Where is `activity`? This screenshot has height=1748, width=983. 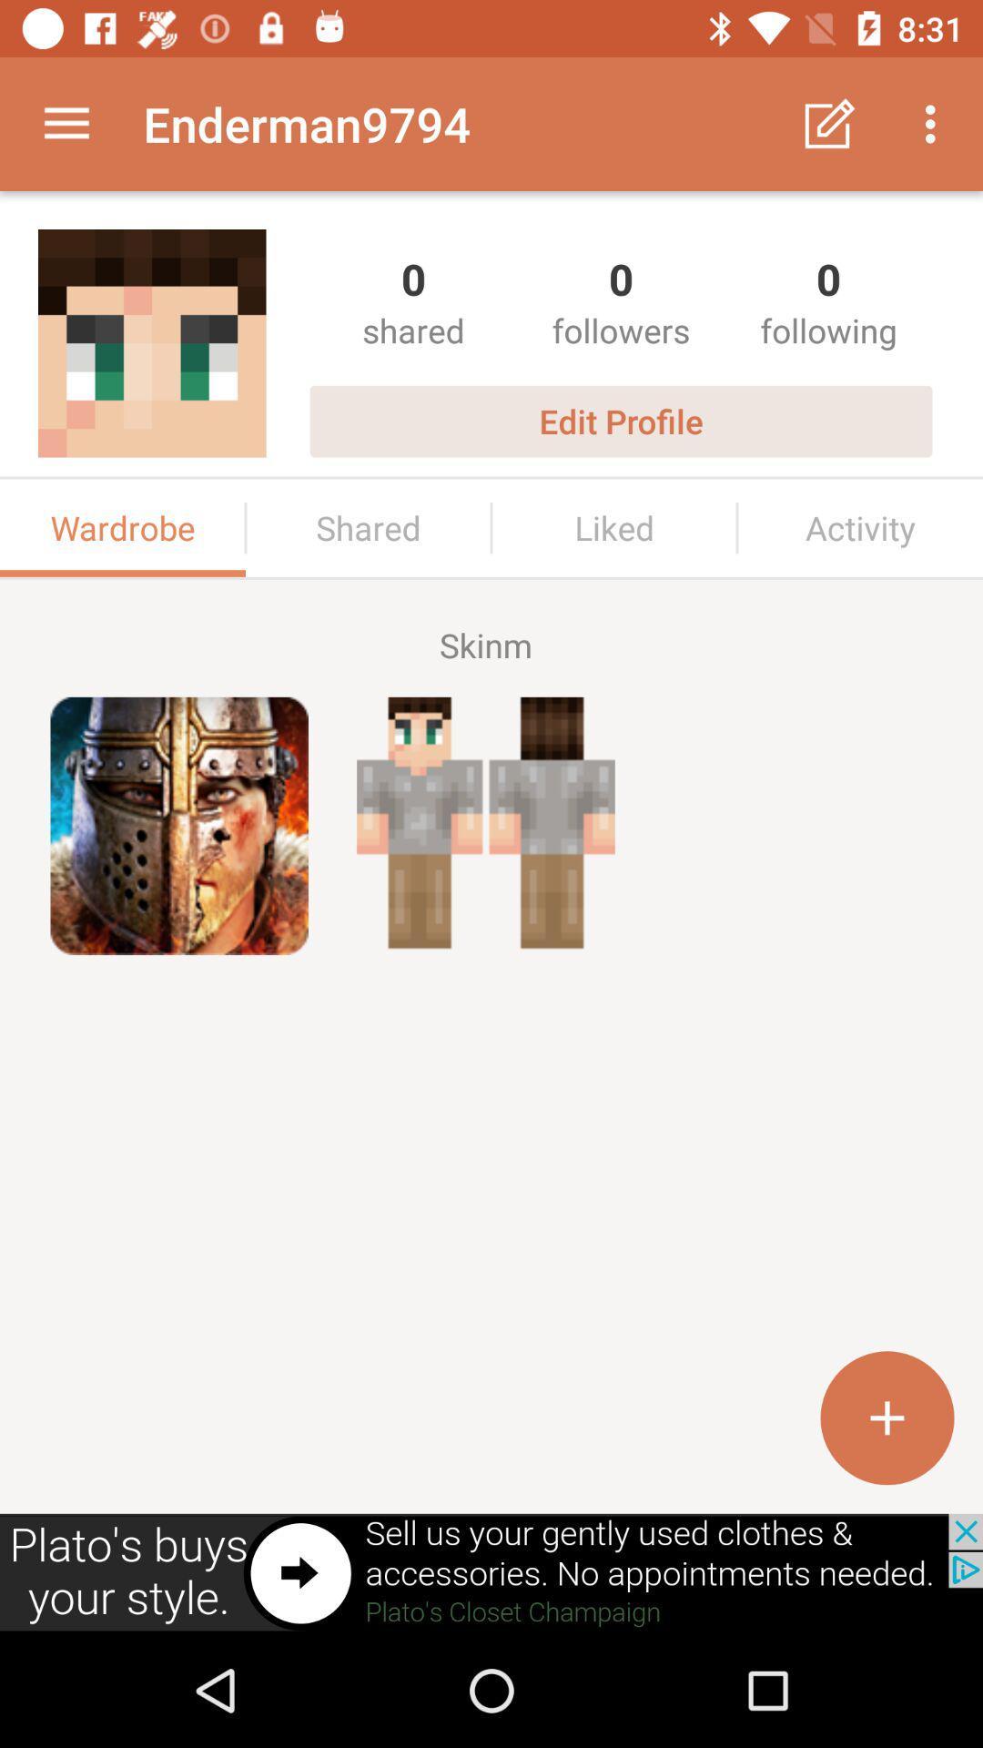 activity is located at coordinates (860, 527).